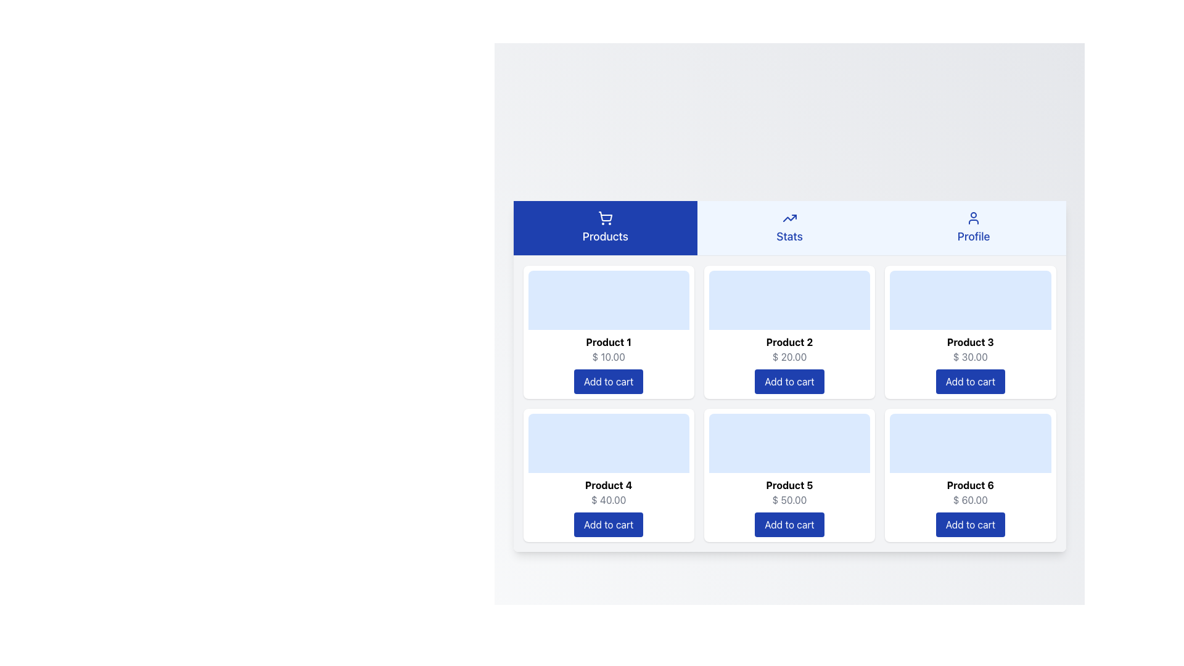  What do you see at coordinates (969, 524) in the screenshot?
I see `the 'Add to Cart' button located at the bottom-right of the 'Product 6' card to trigger focus or tooltip effects` at bounding box center [969, 524].